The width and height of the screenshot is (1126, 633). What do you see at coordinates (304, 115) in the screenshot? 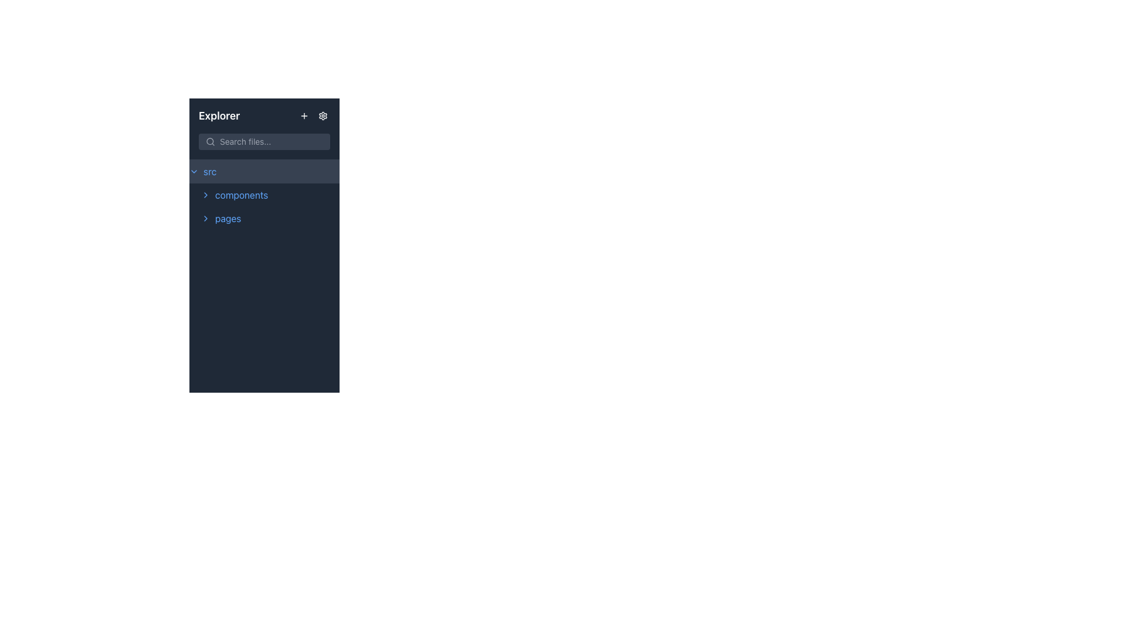
I see `the 'plus' icon button in the top-right of the sidebar` at bounding box center [304, 115].